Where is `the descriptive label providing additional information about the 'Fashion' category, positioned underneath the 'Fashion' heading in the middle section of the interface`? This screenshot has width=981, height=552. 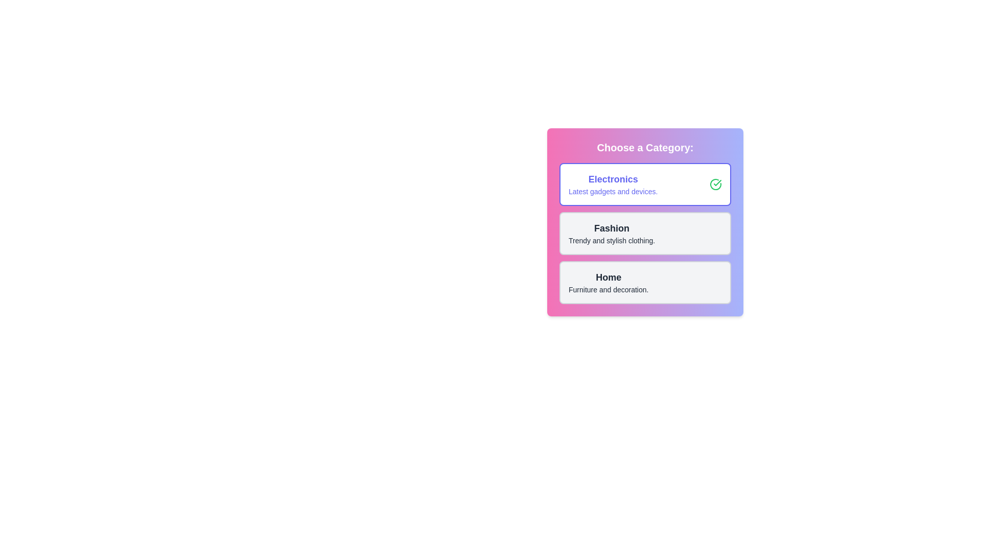
the descriptive label providing additional information about the 'Fashion' category, positioned underneath the 'Fashion' heading in the middle section of the interface is located at coordinates (612, 240).